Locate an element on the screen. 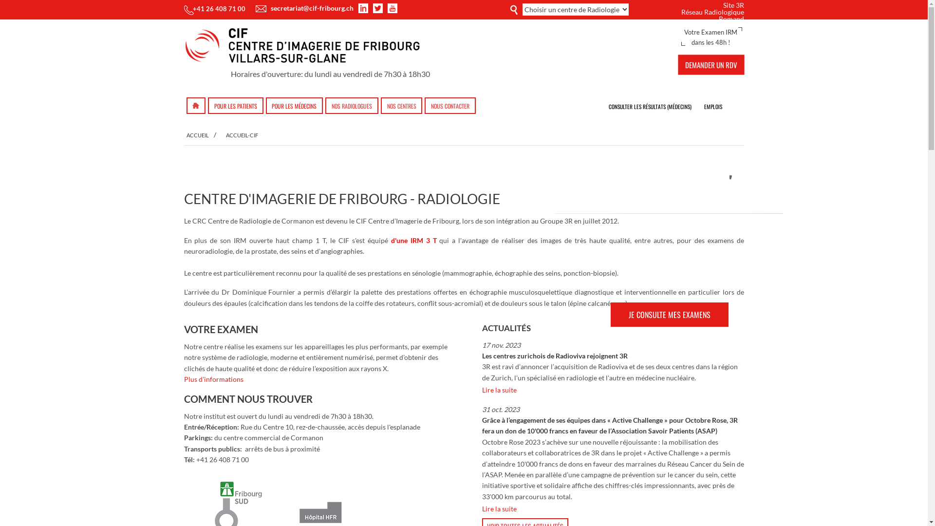 This screenshot has height=526, width=935. 'linkedin' is located at coordinates (359, 8).